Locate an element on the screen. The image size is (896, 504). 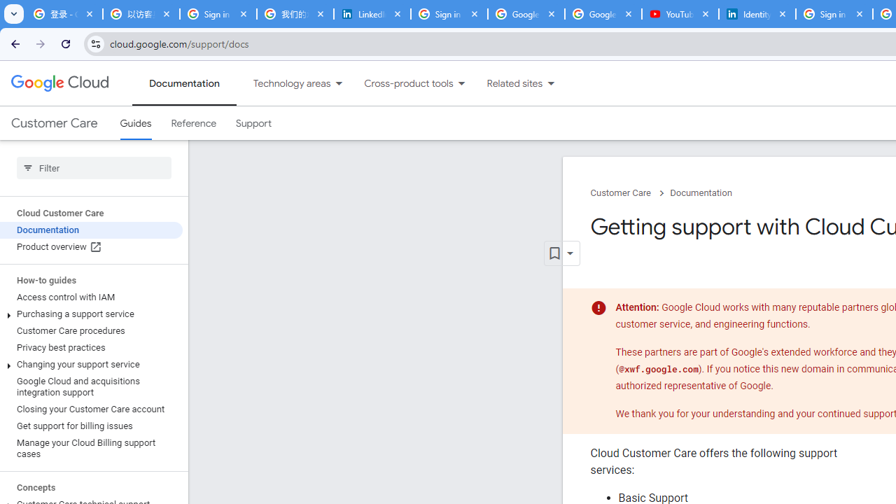
'Technology areas' is located at coordinates (283, 83).